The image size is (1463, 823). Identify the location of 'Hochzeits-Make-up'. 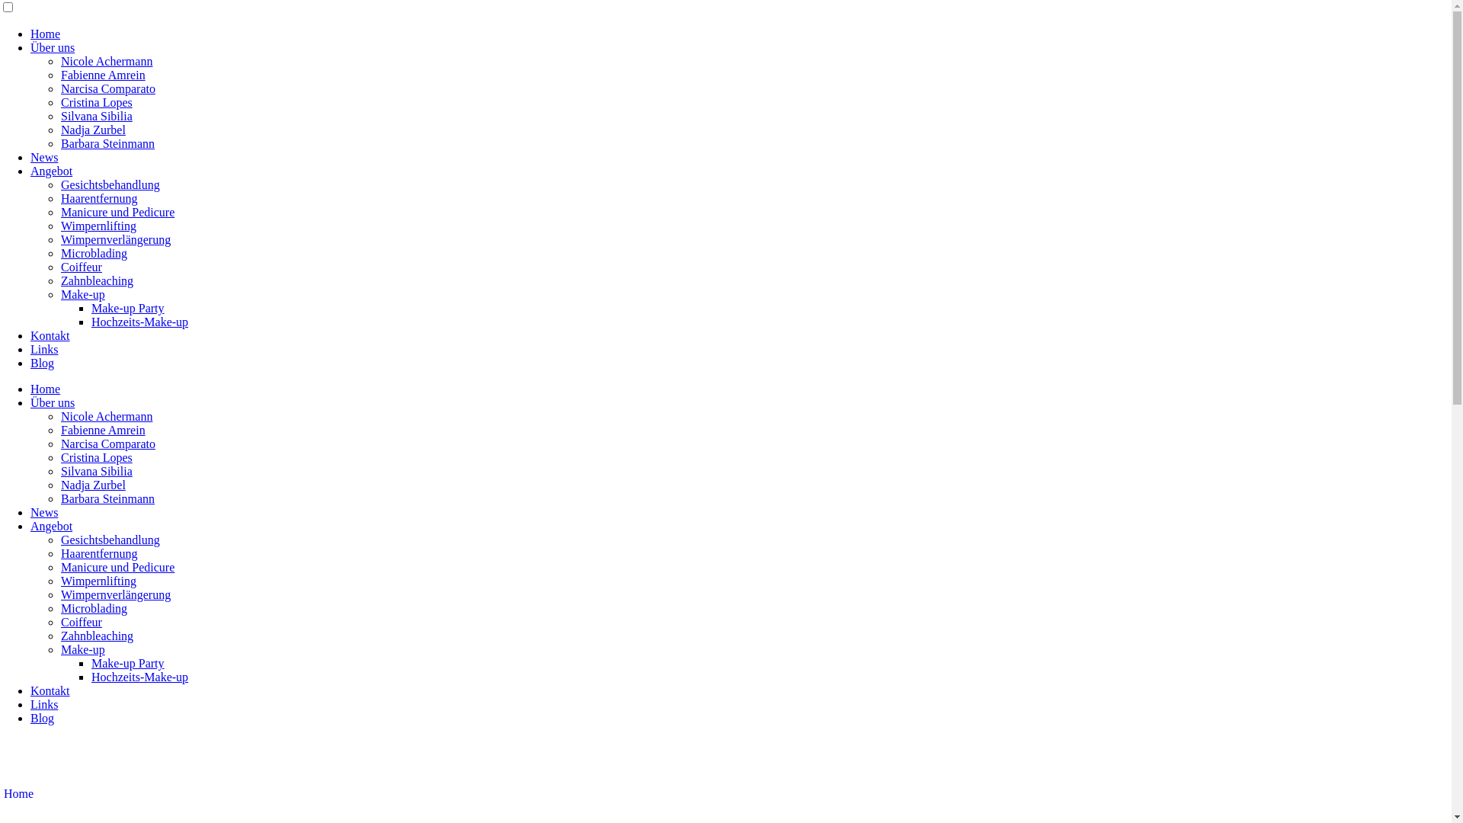
(139, 321).